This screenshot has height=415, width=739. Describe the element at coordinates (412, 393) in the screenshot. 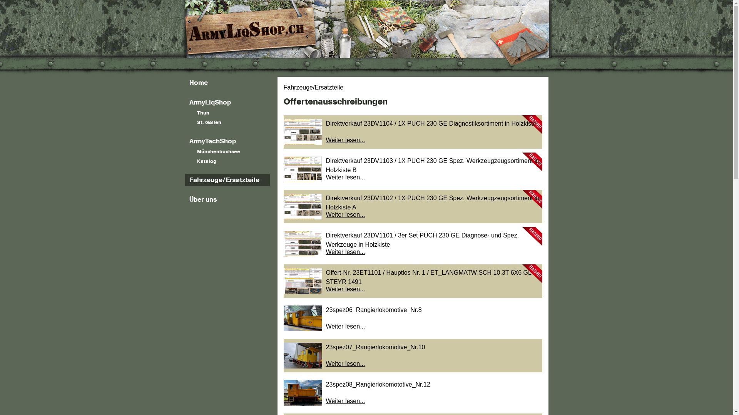

I see `'23spez08_Rangierlokomototive_Nr.12` at that location.